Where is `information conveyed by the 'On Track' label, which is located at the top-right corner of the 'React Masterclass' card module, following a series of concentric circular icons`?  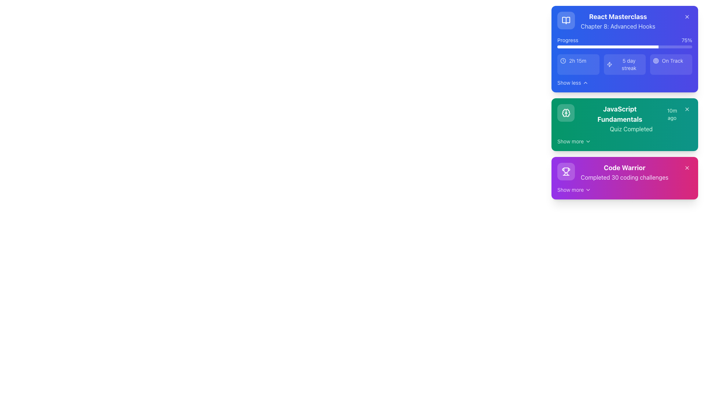 information conveyed by the 'On Track' label, which is located at the top-right corner of the 'React Masterclass' card module, following a series of concentric circular icons is located at coordinates (672, 60).